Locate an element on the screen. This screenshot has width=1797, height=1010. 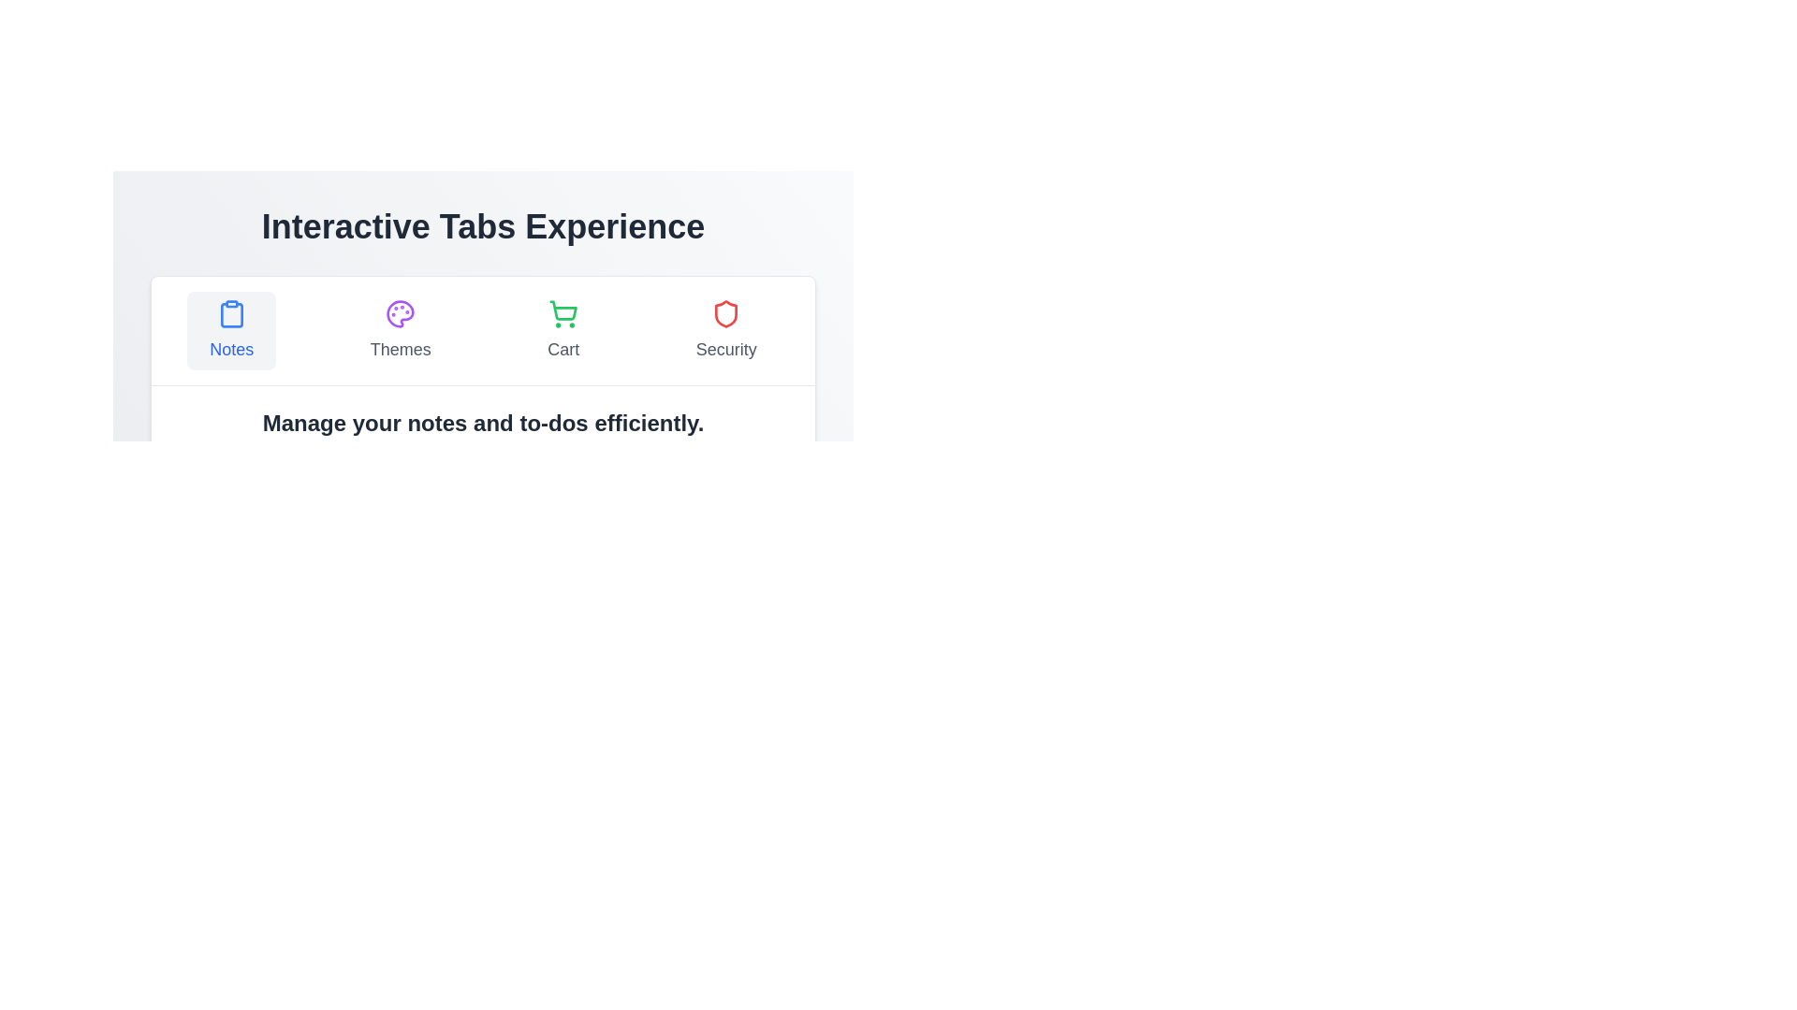
the tab labeled Cart to switch views is located at coordinates (562, 330).